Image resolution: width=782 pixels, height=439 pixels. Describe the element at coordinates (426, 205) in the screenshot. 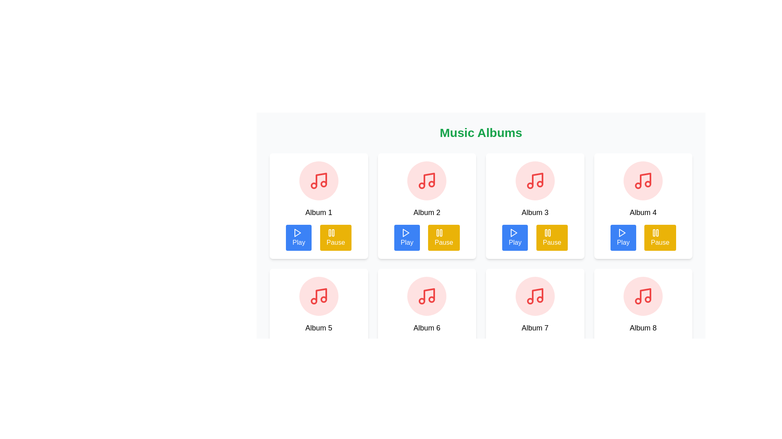

I see `the 'Album 2' card, which is the second item in the grid layout located below the 'Music Albums' title` at that location.